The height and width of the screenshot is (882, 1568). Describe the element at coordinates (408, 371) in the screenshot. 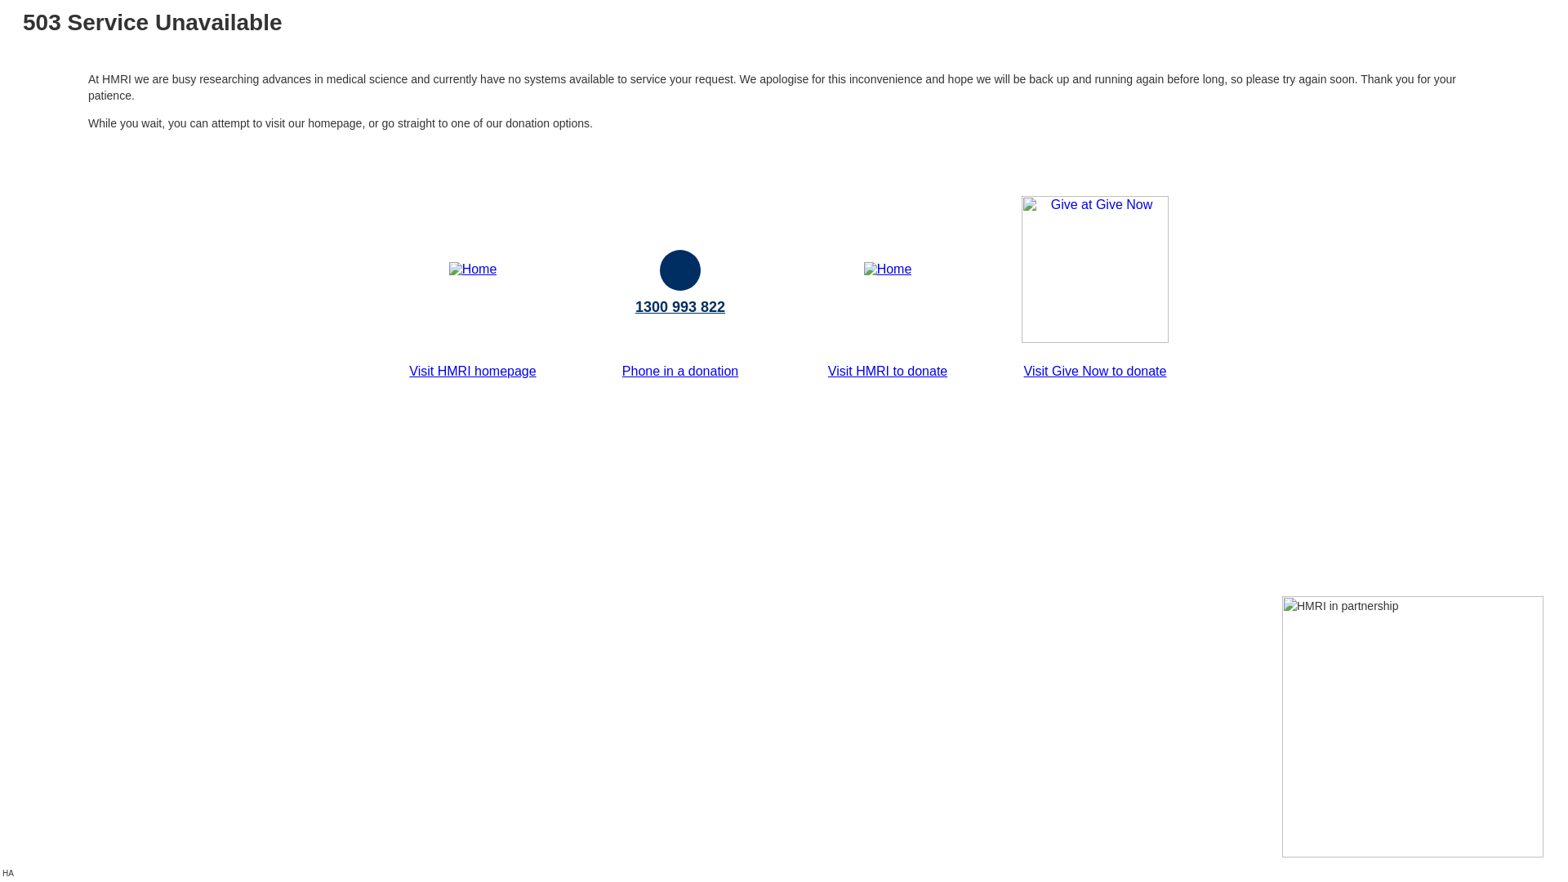

I see `'Visit HMRI homepage'` at that location.